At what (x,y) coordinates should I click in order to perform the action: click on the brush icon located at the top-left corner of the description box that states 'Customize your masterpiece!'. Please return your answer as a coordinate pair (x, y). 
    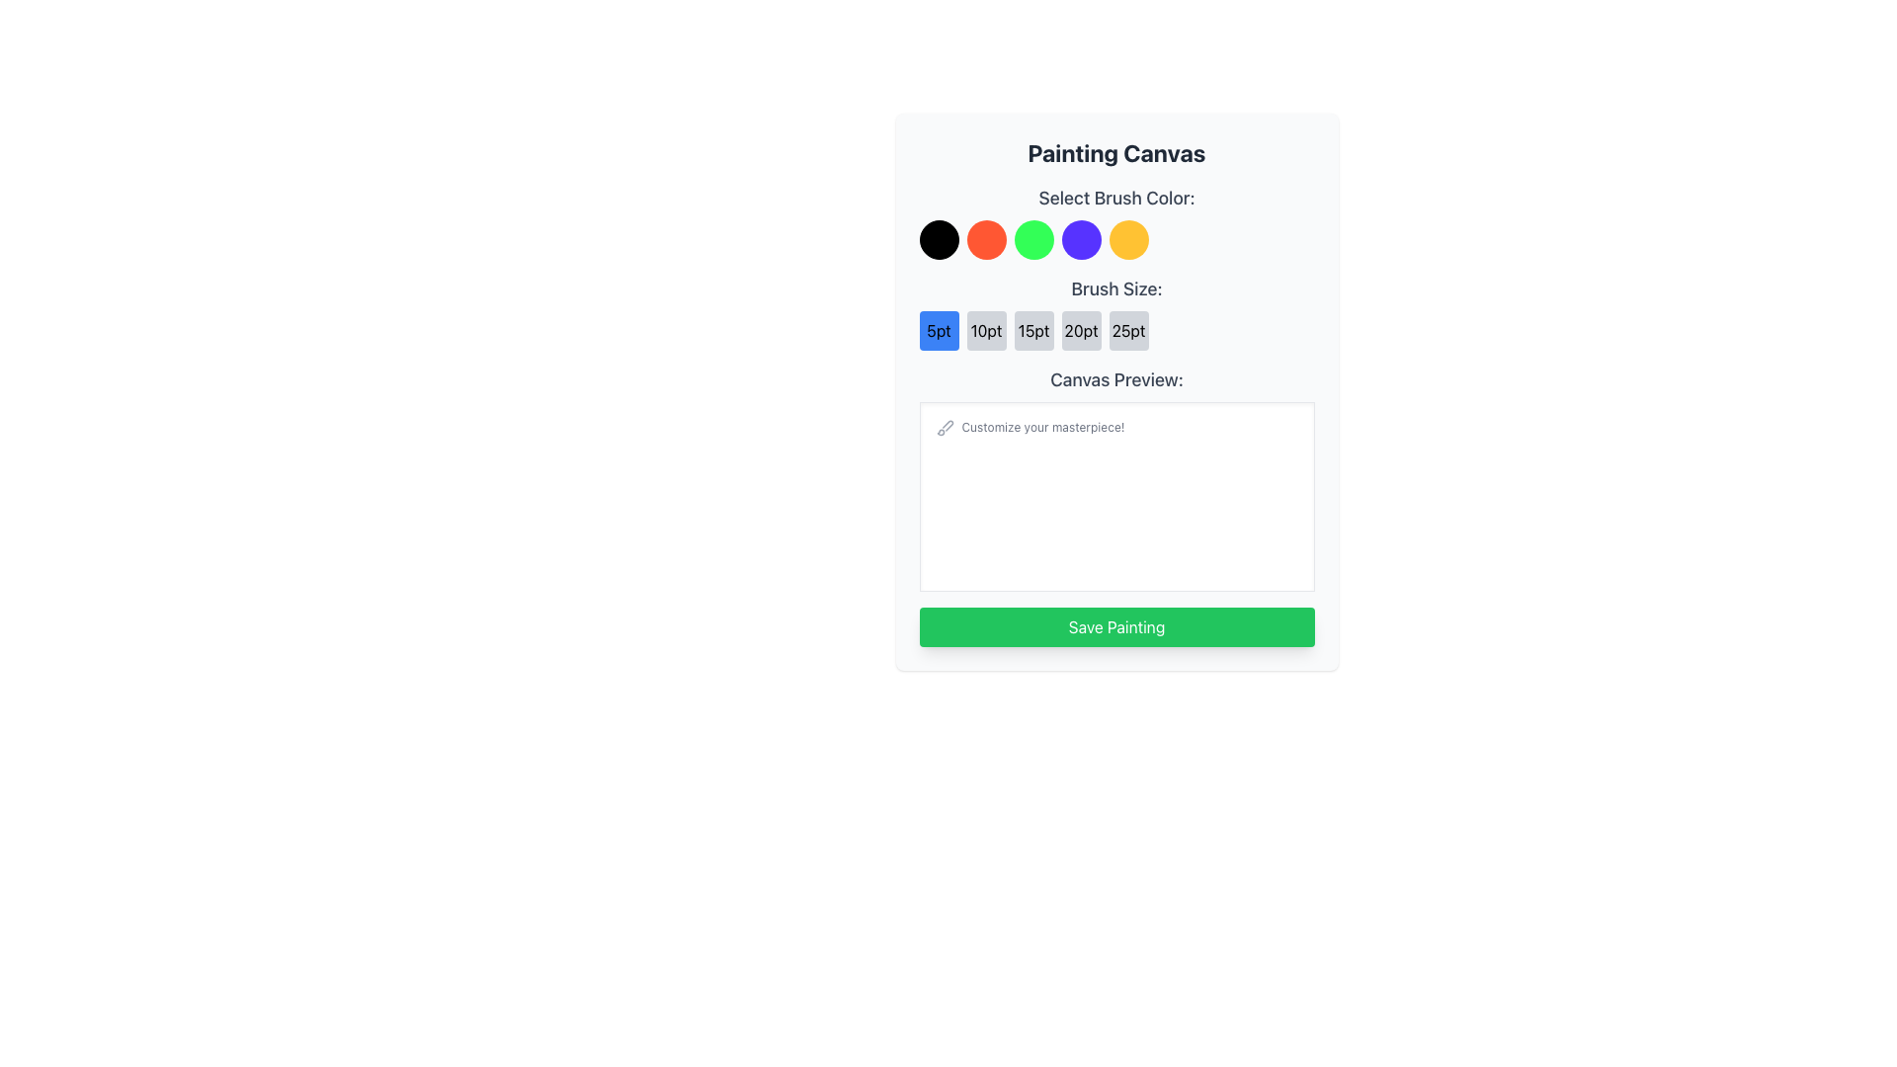
    Looking at the image, I should click on (944, 426).